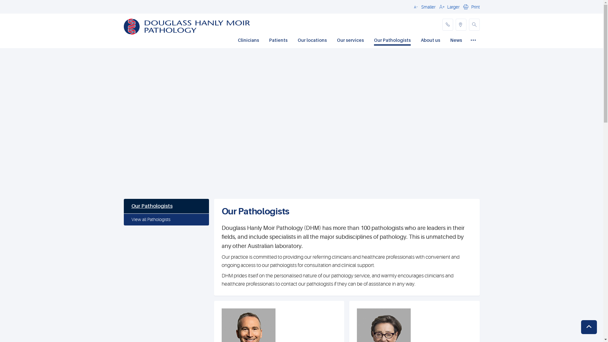  Describe the element at coordinates (166, 219) in the screenshot. I see `'View all Pathologists'` at that location.